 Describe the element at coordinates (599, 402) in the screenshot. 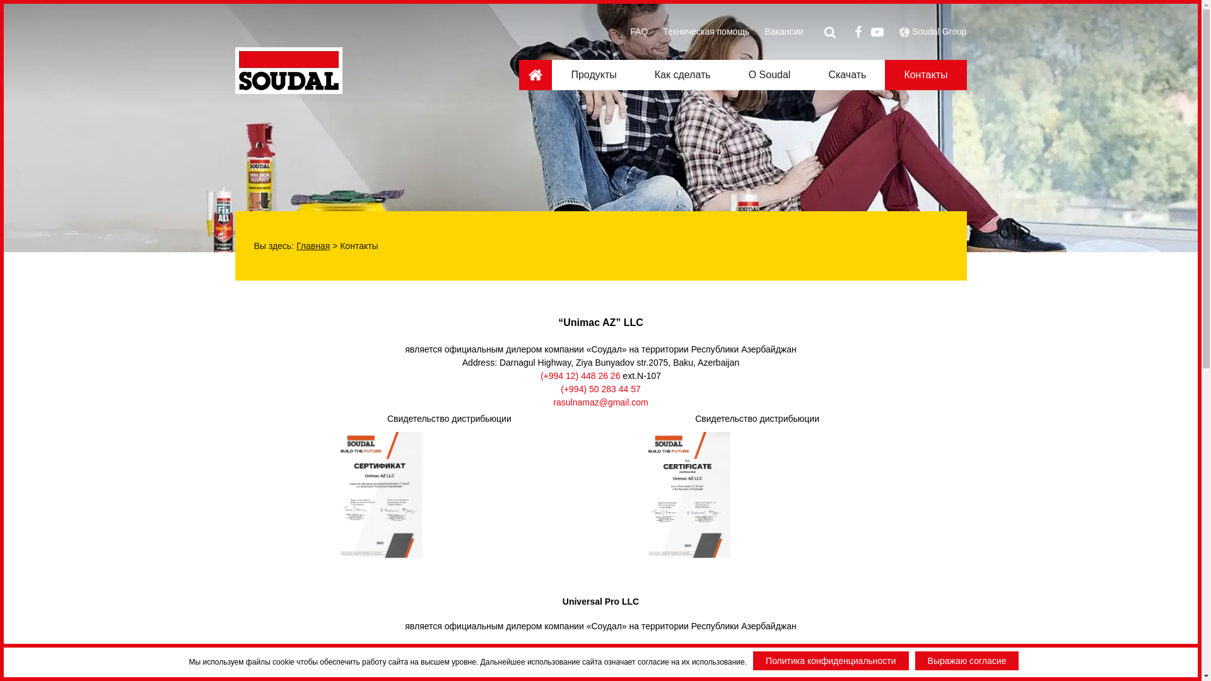

I see `'rasulnamaz@gmail.com'` at that location.